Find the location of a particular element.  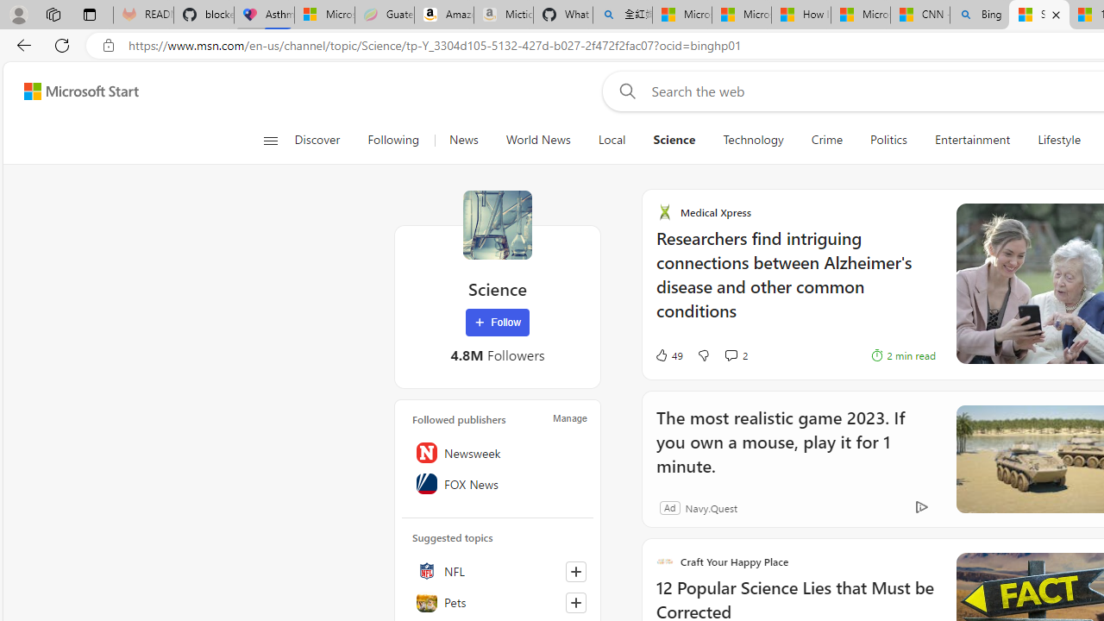

'Web search' is located at coordinates (624, 91).